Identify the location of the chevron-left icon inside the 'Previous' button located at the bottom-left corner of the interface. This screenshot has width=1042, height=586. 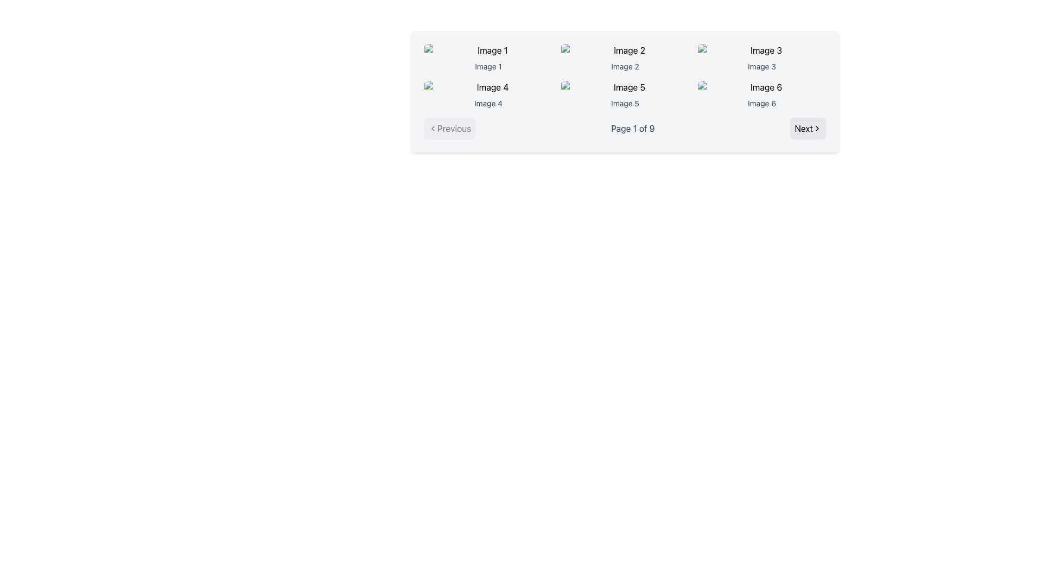
(432, 128).